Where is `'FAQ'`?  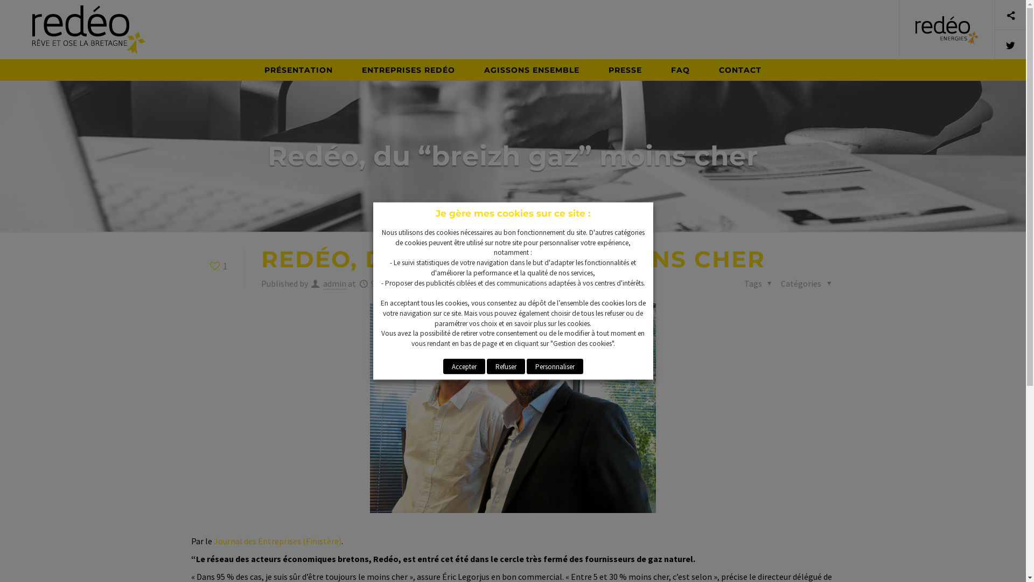
'FAQ' is located at coordinates (680, 70).